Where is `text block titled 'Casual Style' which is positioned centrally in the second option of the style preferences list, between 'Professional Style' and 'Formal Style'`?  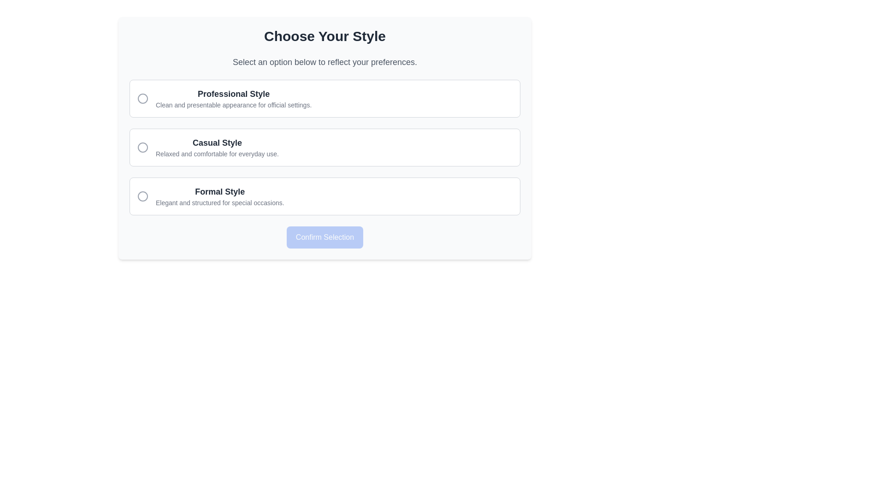
text block titled 'Casual Style' which is positioned centrally in the second option of the style preferences list, between 'Professional Style' and 'Formal Style' is located at coordinates (217, 147).